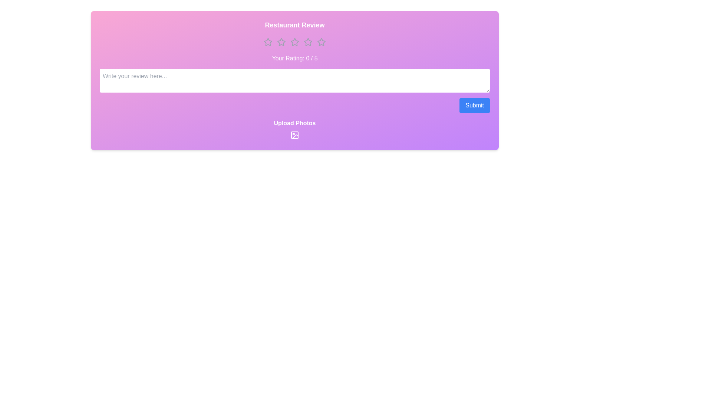 This screenshot has width=712, height=400. What do you see at coordinates (281, 42) in the screenshot?
I see `the rating to 2 stars by clicking on the respective star` at bounding box center [281, 42].